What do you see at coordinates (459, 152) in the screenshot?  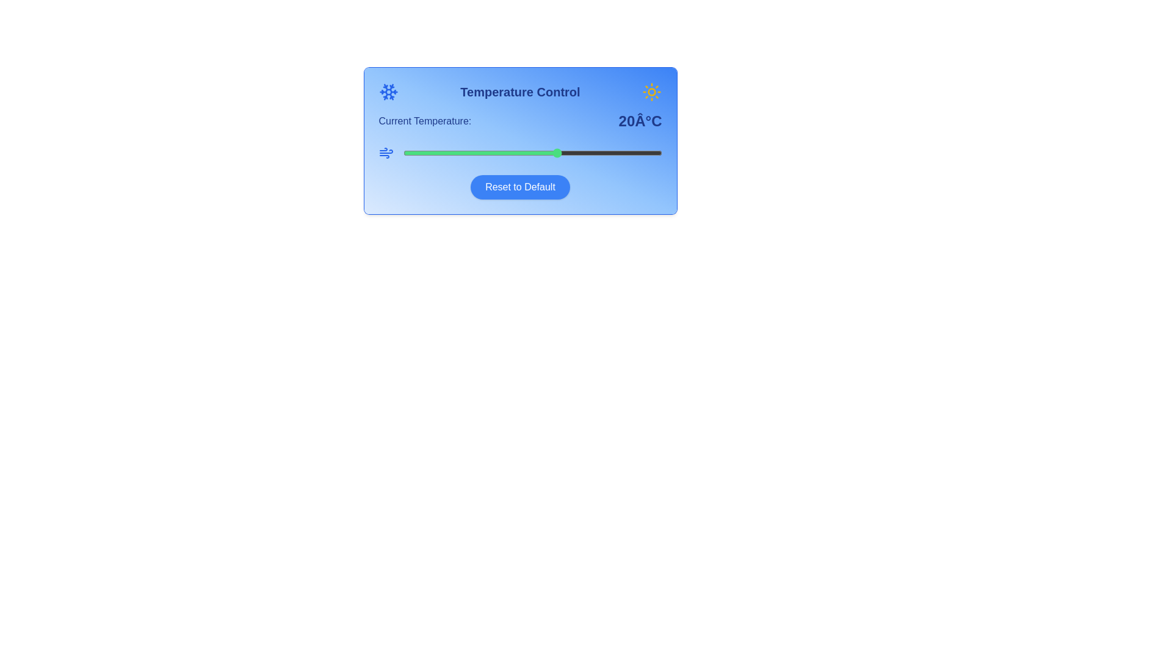 I see `the temperature slider` at bounding box center [459, 152].